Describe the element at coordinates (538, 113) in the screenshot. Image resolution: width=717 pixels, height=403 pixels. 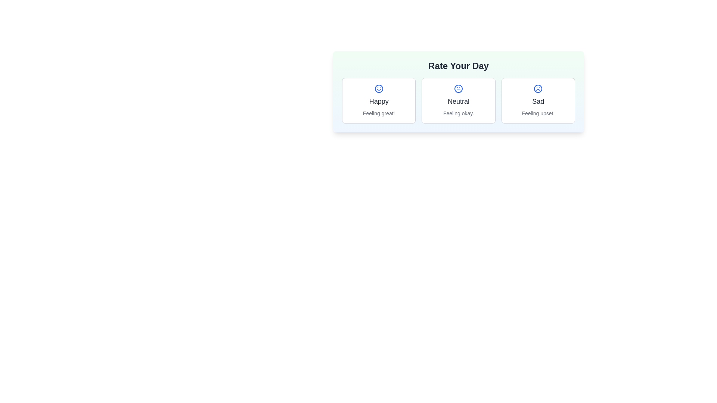
I see `the Text Label element displaying 'Feeling upset.' which is styled in light gray and positioned at the bottom of the 'Sad' mood section` at that location.